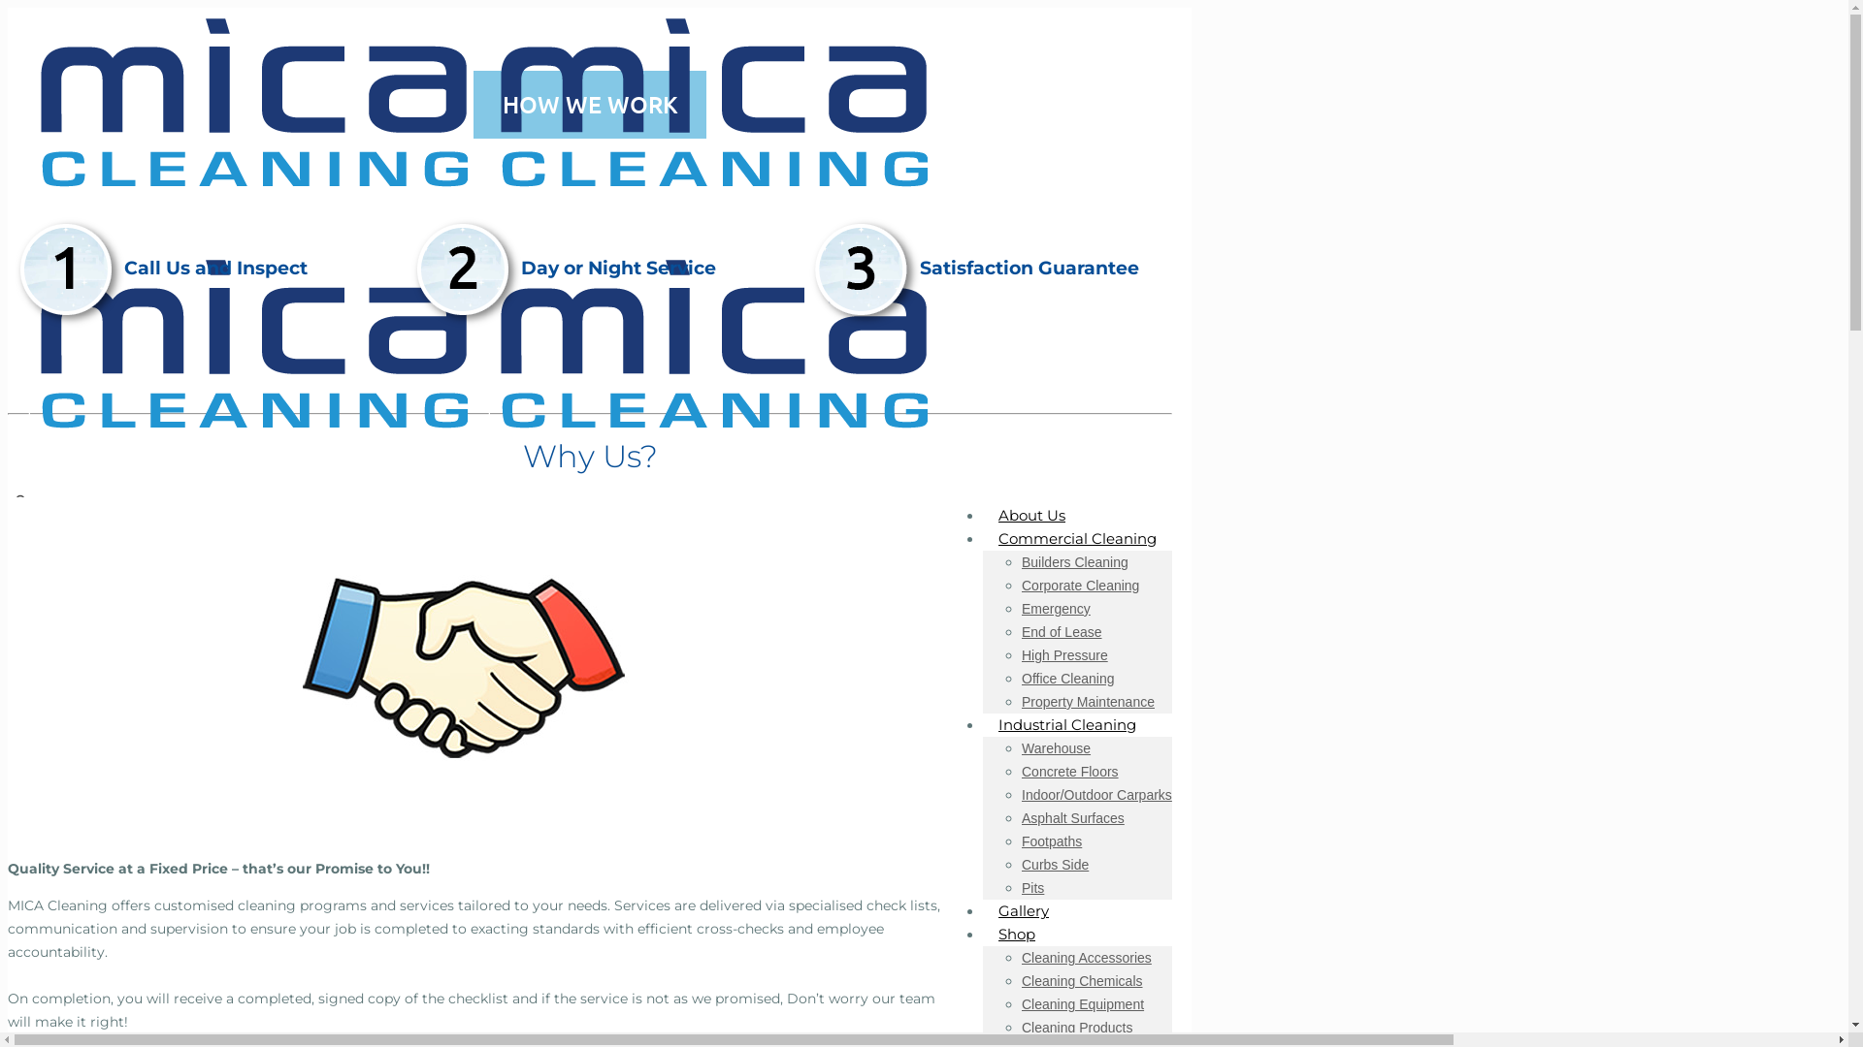 This screenshot has width=1863, height=1047. What do you see at coordinates (1055, 746) in the screenshot?
I see `'Warehouse'` at bounding box center [1055, 746].